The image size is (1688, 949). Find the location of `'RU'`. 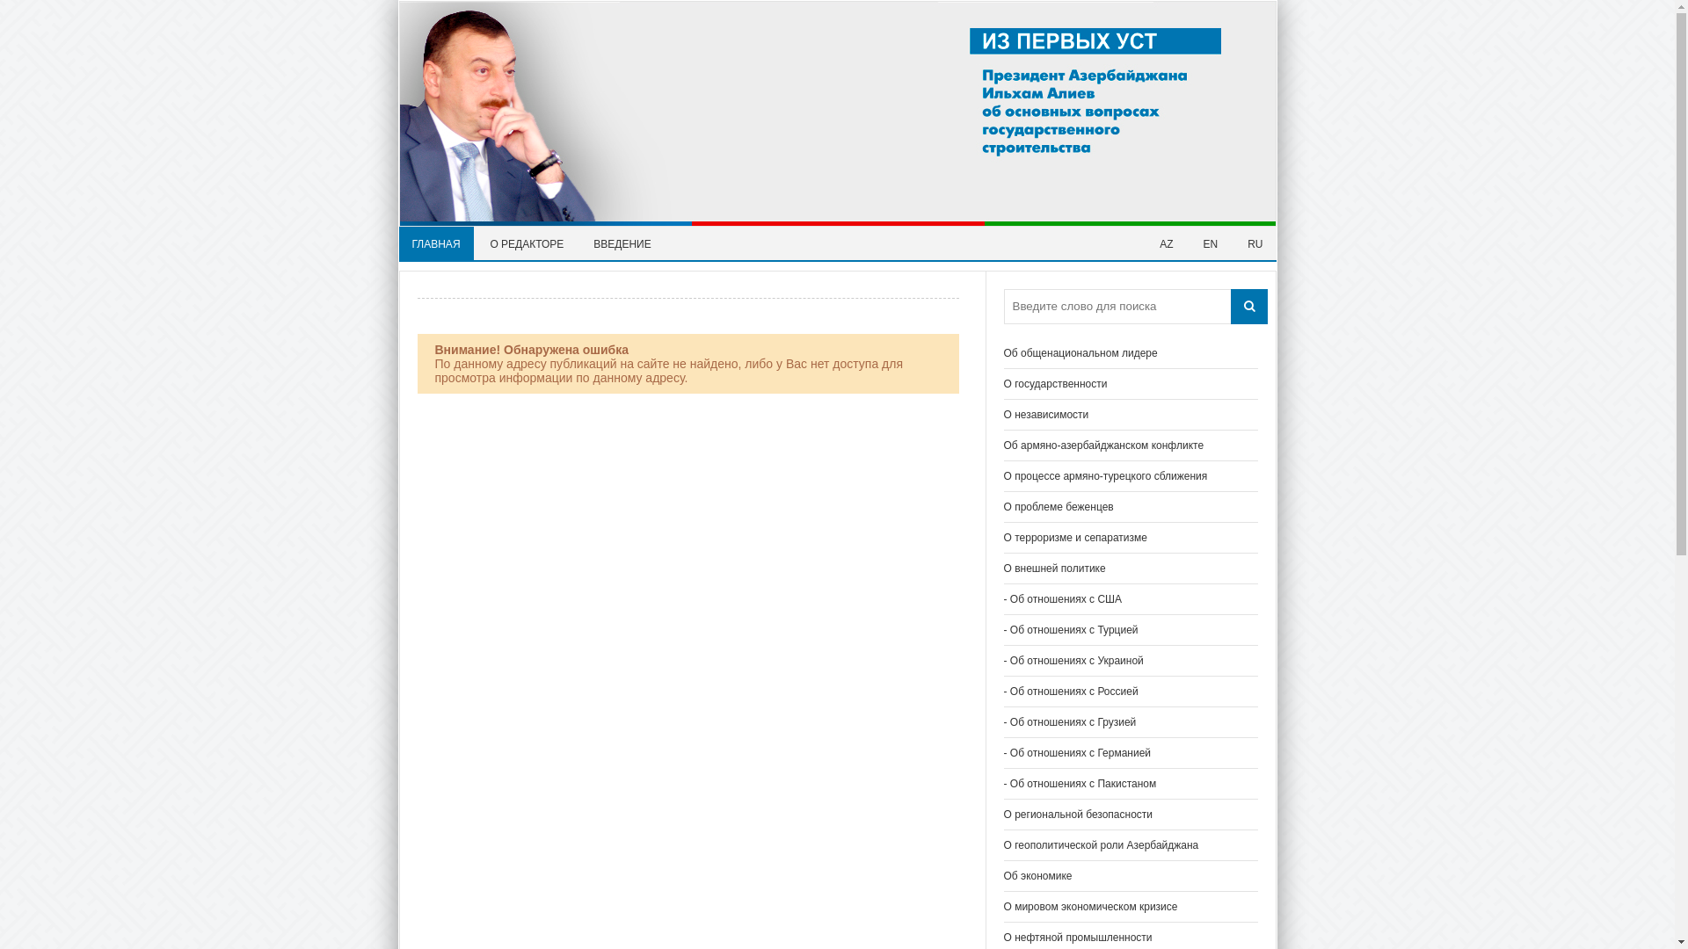

'RU' is located at coordinates (1254, 243).